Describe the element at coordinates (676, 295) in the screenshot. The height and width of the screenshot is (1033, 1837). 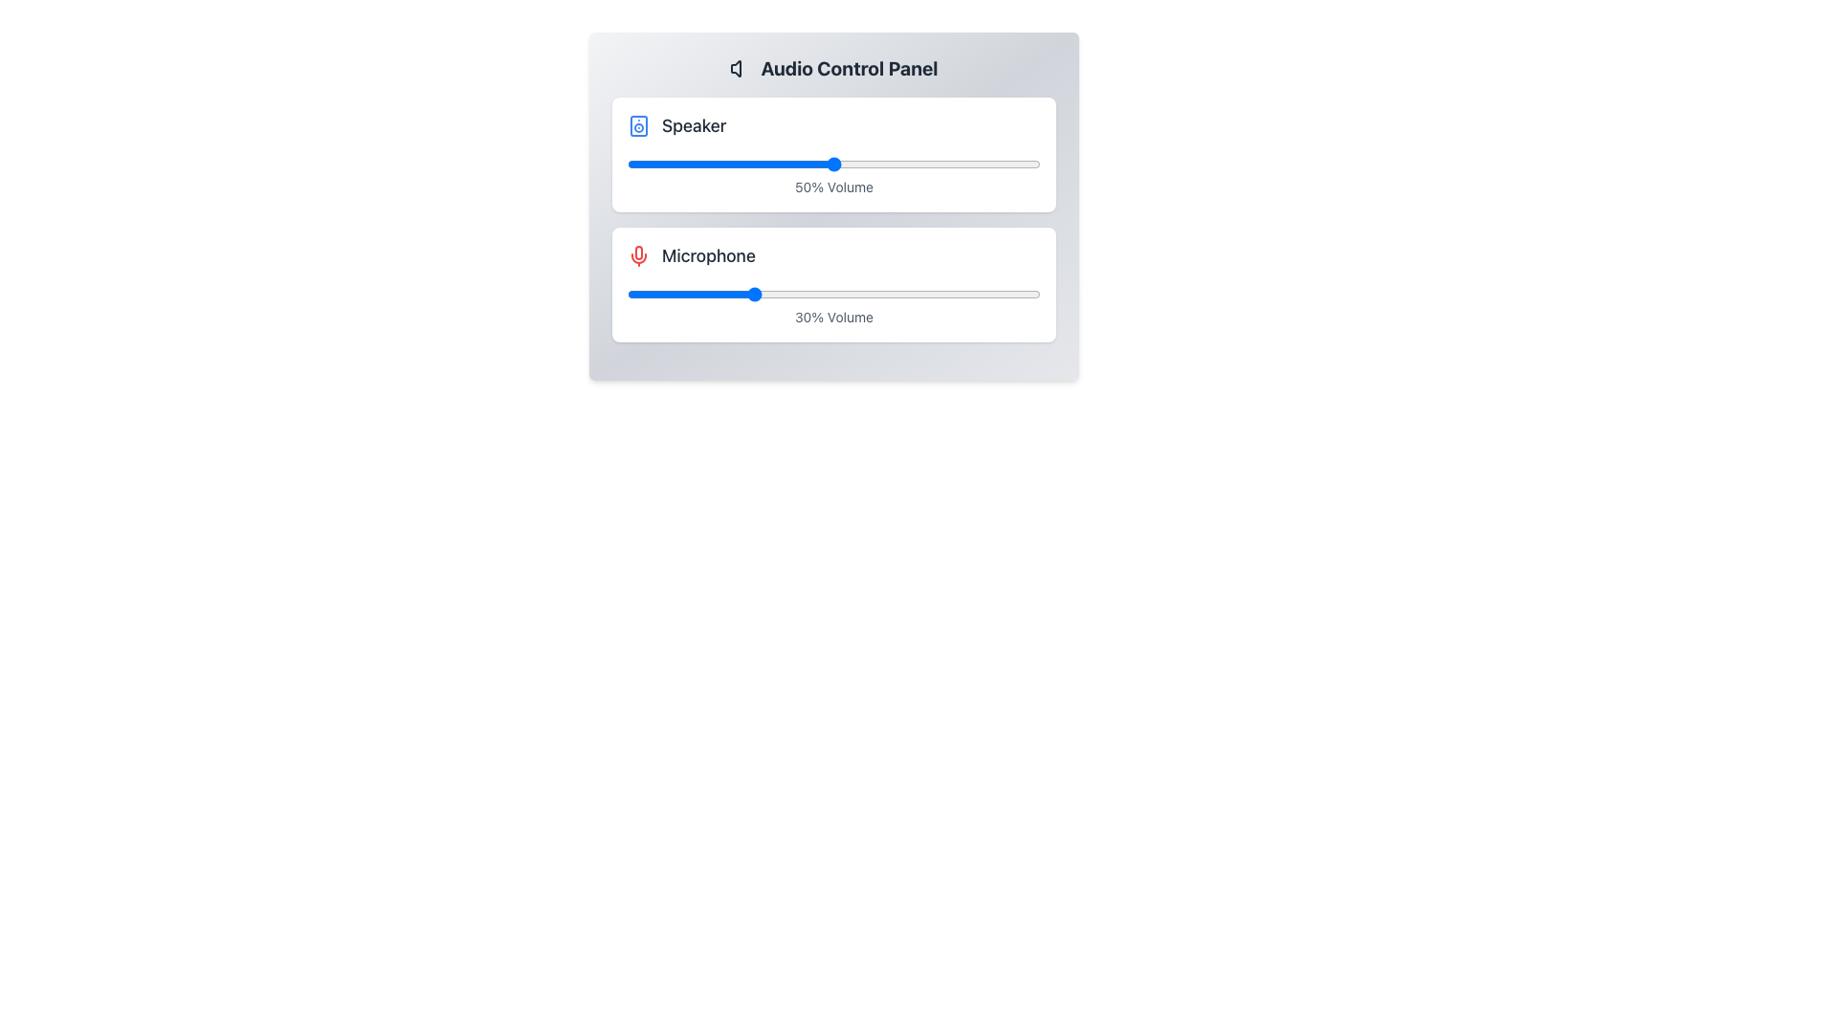
I see `the microphone volume` at that location.